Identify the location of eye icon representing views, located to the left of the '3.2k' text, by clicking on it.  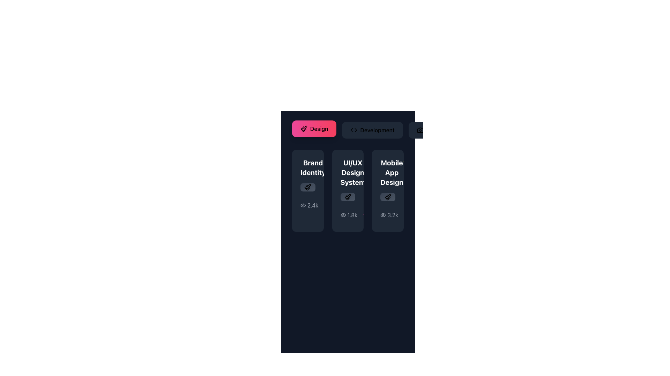
(383, 214).